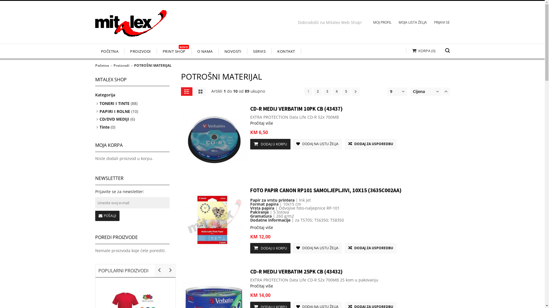 This screenshot has height=308, width=549. I want to click on 'Mitalex Shop', so click(130, 25).